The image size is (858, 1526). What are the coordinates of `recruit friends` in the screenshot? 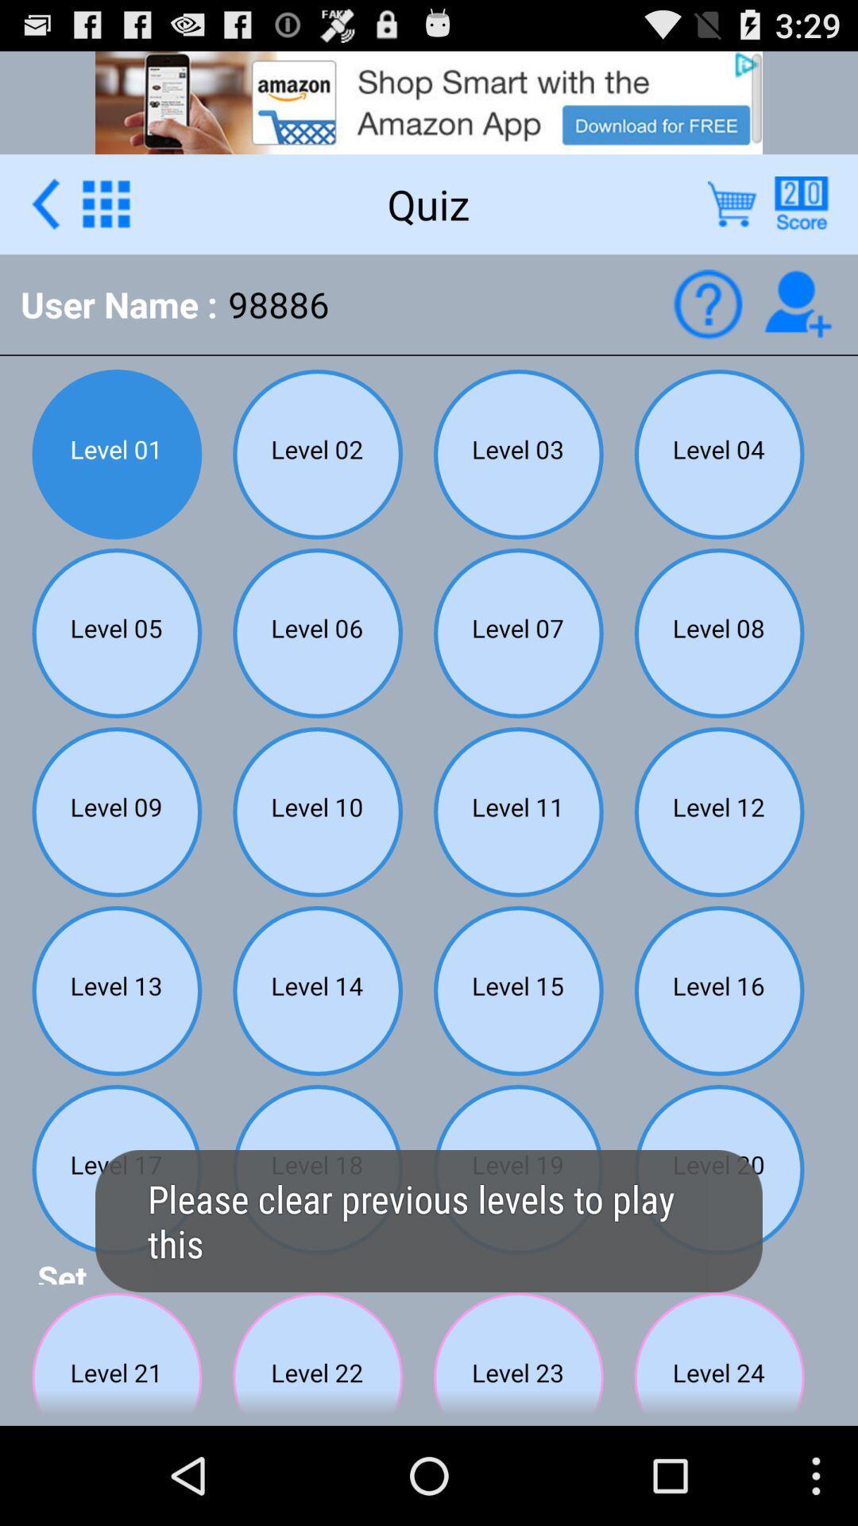 It's located at (798, 304).